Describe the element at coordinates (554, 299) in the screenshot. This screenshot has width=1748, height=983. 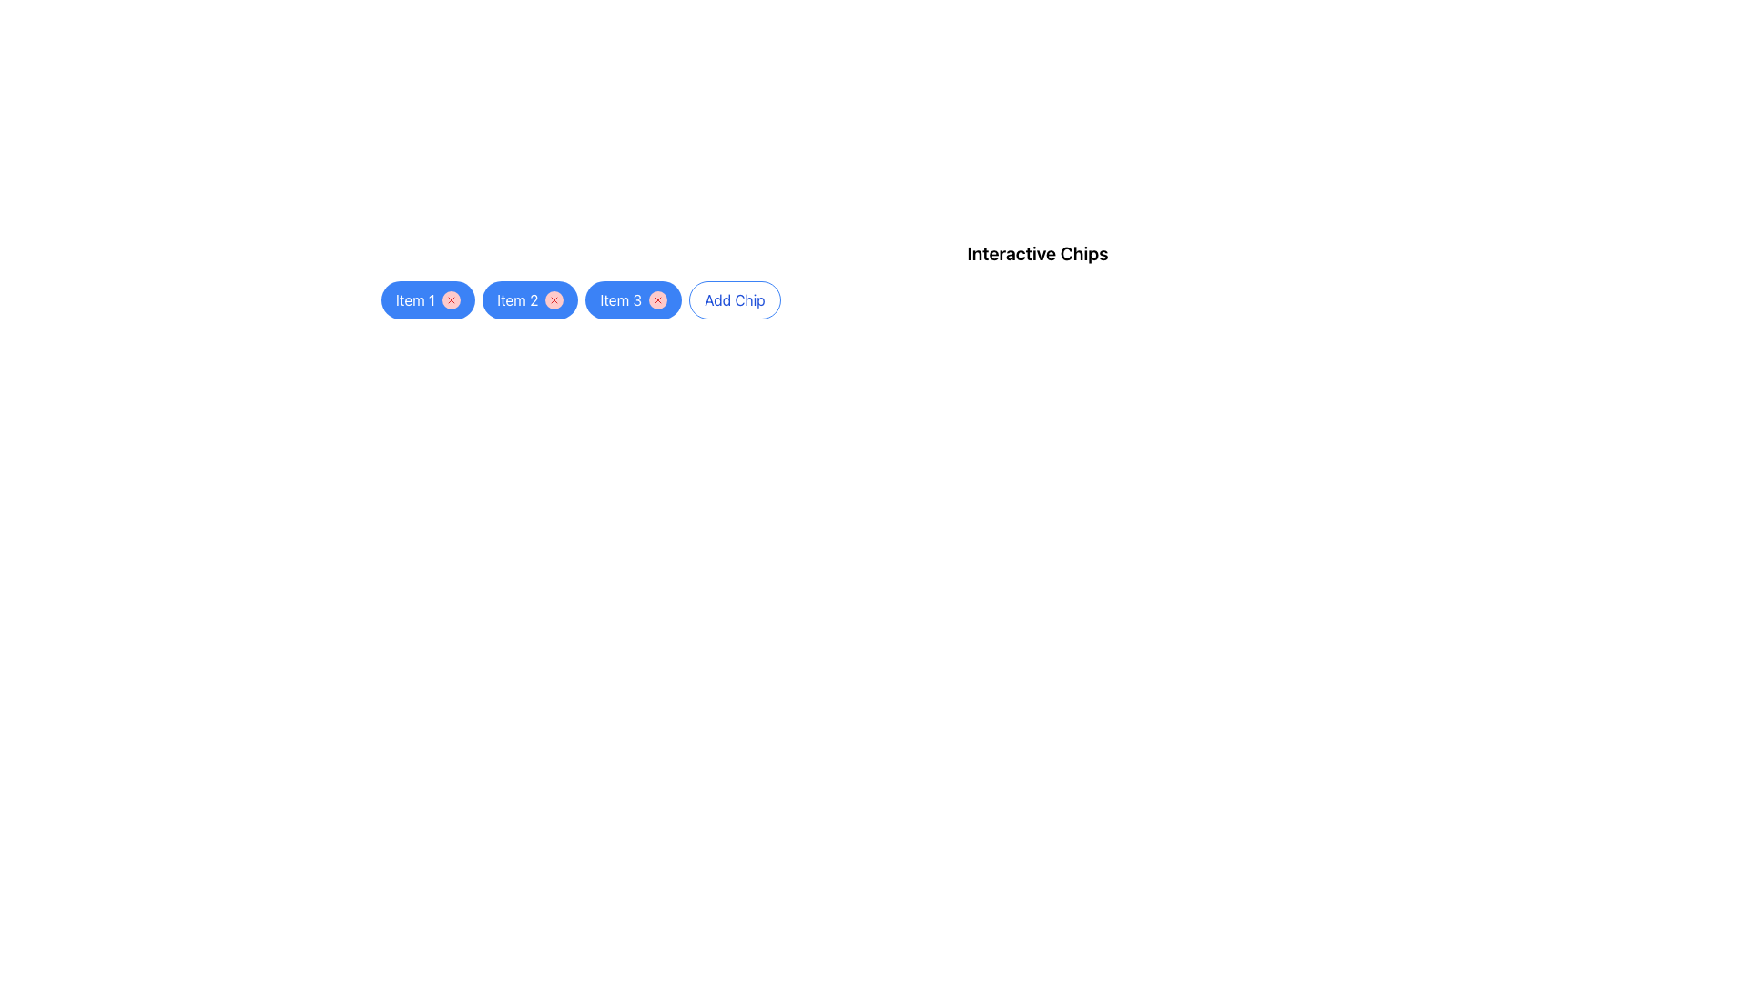
I see `the close button resembling an 'X' within the red circular background, located in the top-right corner of the chip labeled 'Item 2'` at that location.